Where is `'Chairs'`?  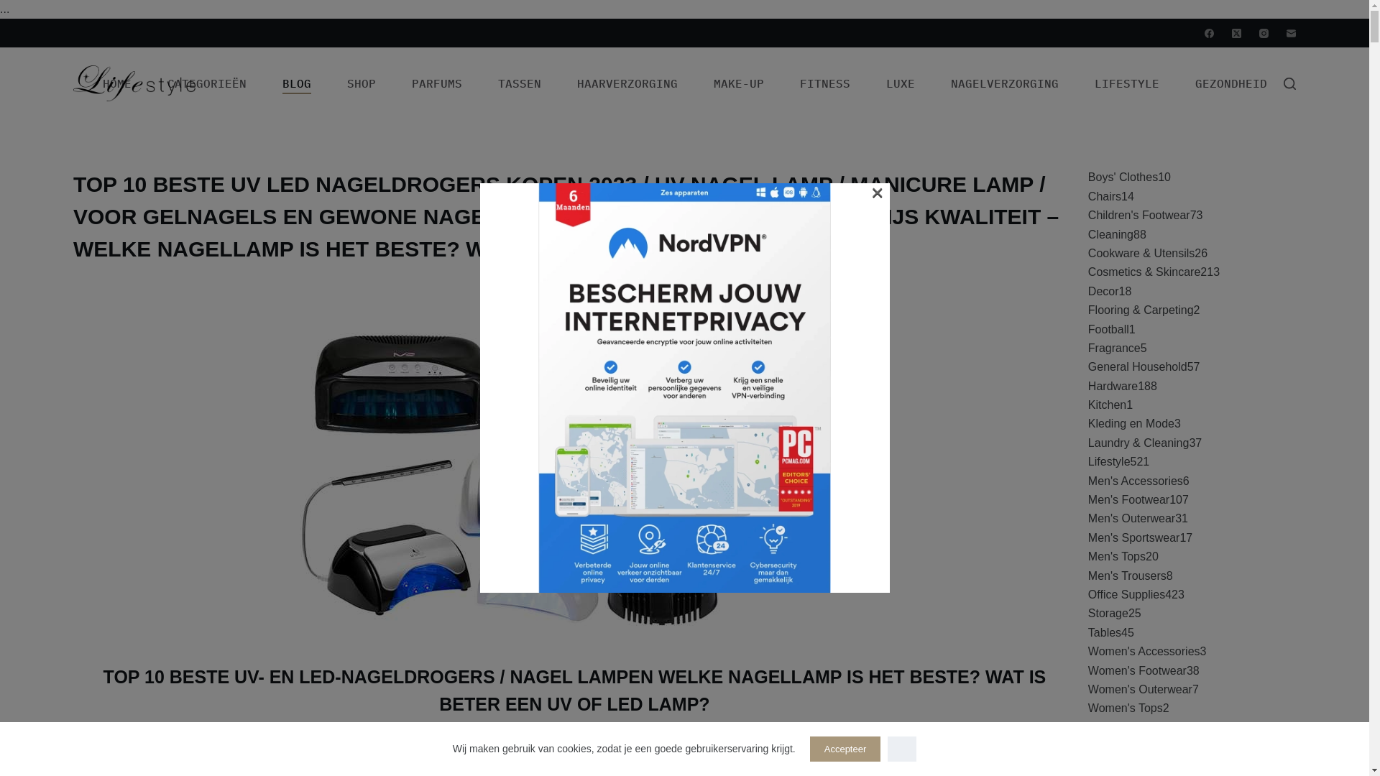
'Chairs' is located at coordinates (1103, 196).